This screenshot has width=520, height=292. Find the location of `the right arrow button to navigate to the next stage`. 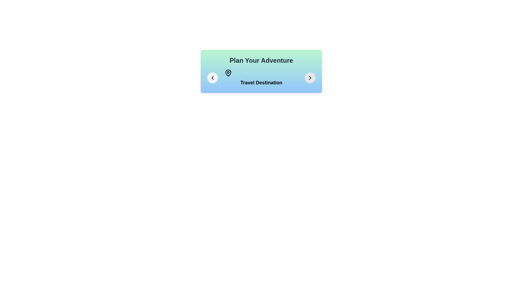

the right arrow button to navigate to the next stage is located at coordinates (310, 78).